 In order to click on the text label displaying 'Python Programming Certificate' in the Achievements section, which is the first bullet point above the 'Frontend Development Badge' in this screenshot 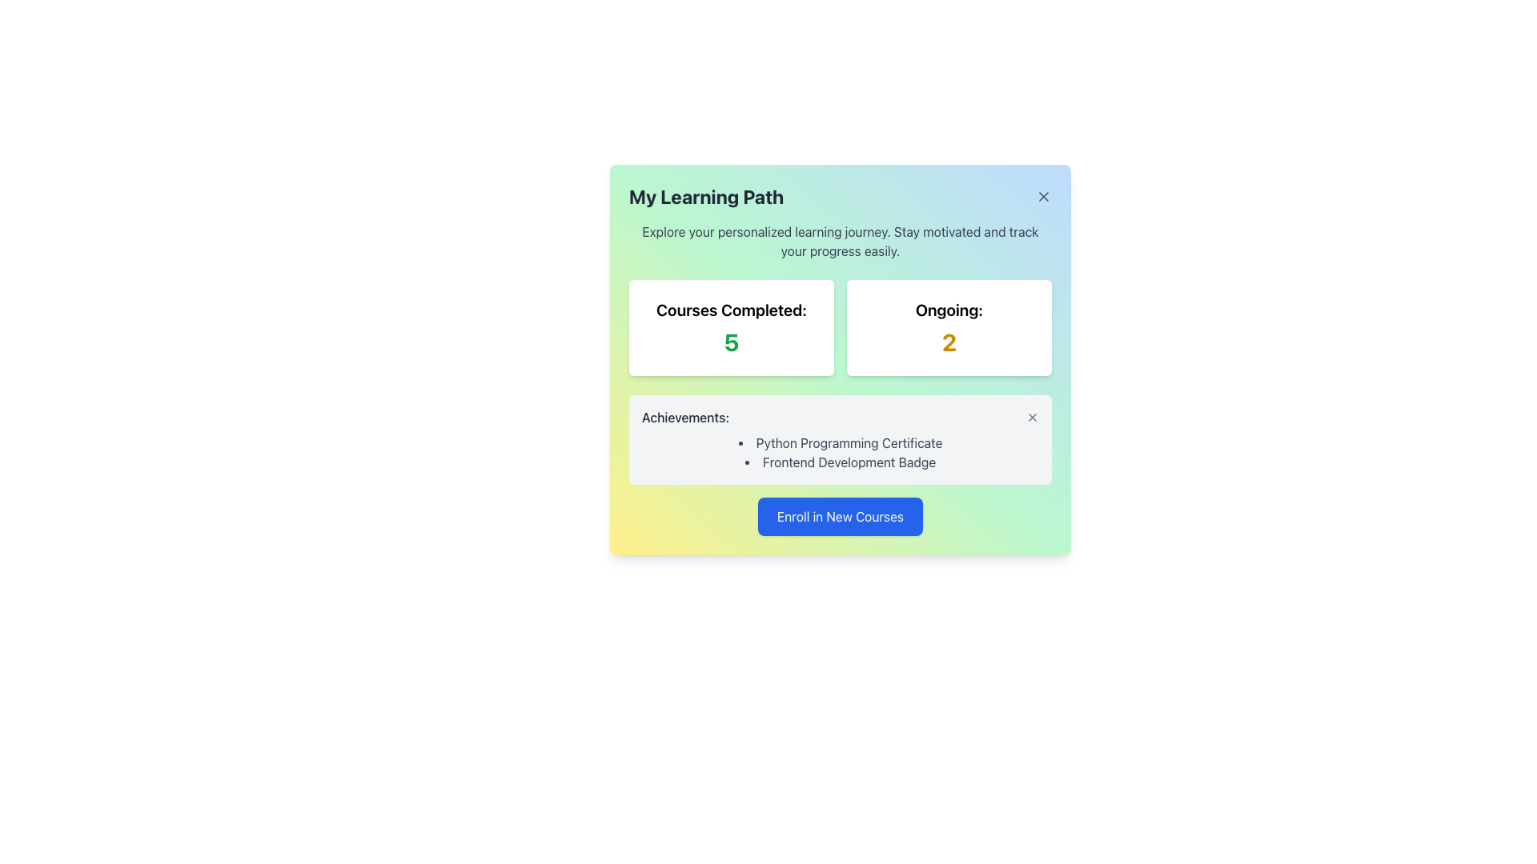, I will do `click(840, 443)`.